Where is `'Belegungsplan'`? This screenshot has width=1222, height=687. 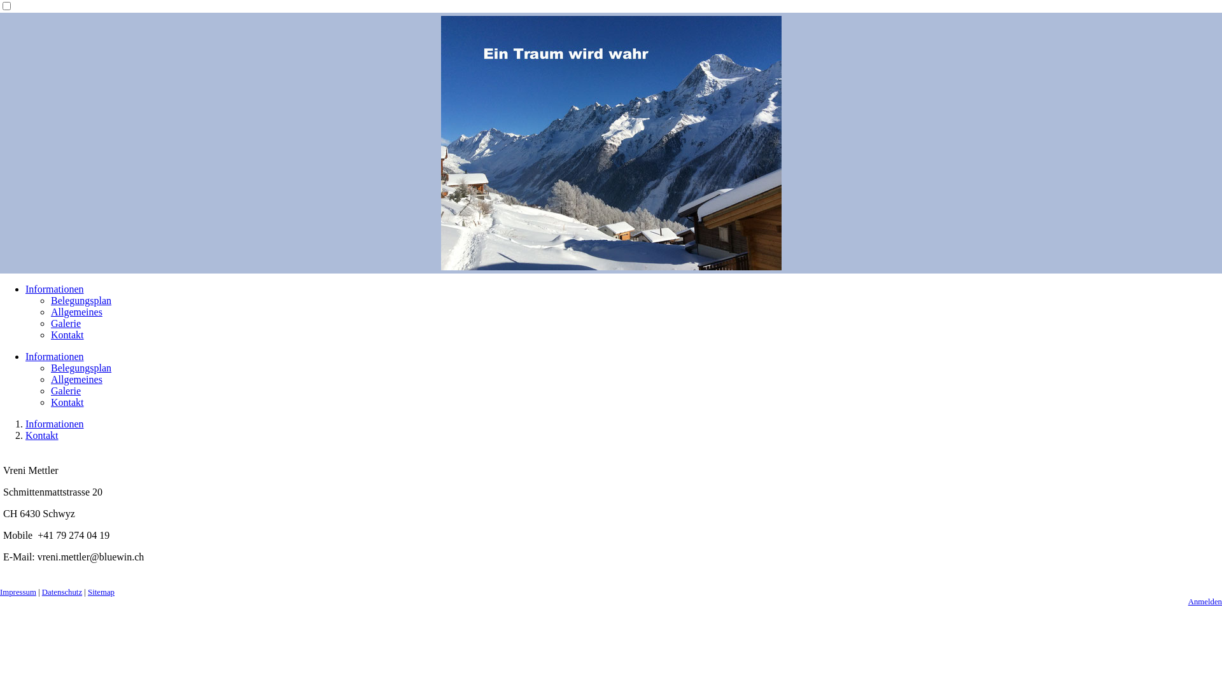 'Belegungsplan' is located at coordinates (51, 300).